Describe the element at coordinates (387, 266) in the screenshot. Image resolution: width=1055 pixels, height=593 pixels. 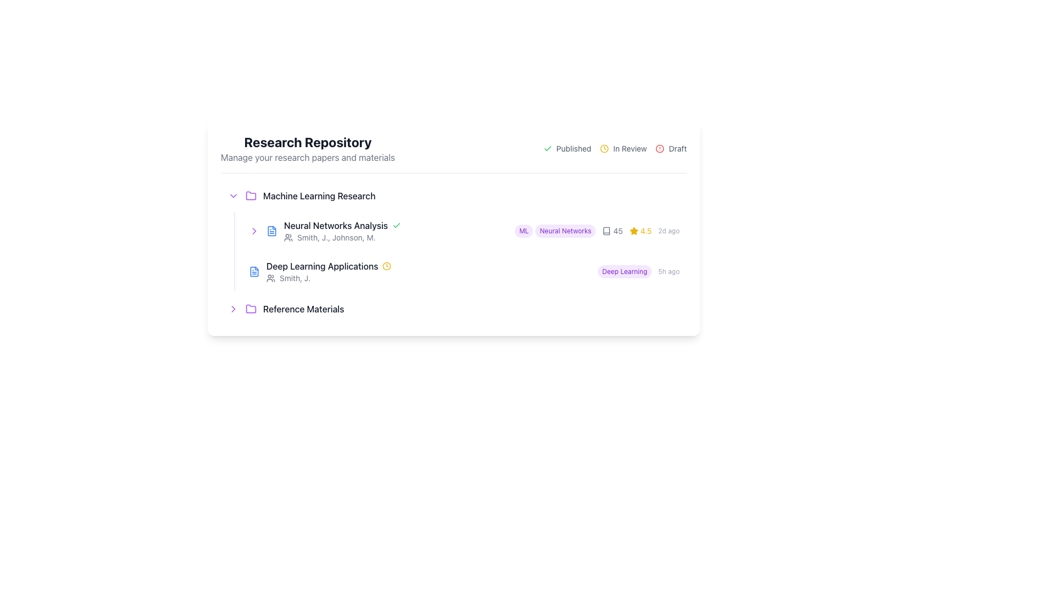
I see `the small yellow clock icon located to the right of the text 'Deep Learning Applications'` at that location.